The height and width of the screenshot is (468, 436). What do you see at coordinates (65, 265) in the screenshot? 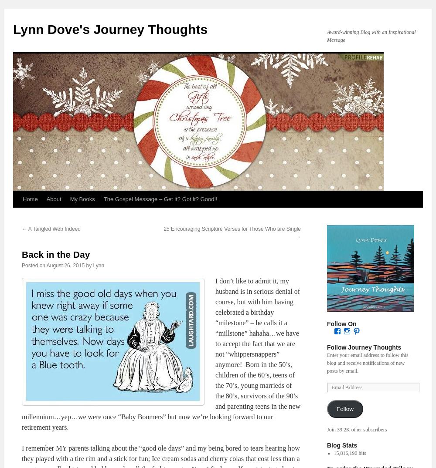
I see `'August 26, 2015'` at bounding box center [65, 265].